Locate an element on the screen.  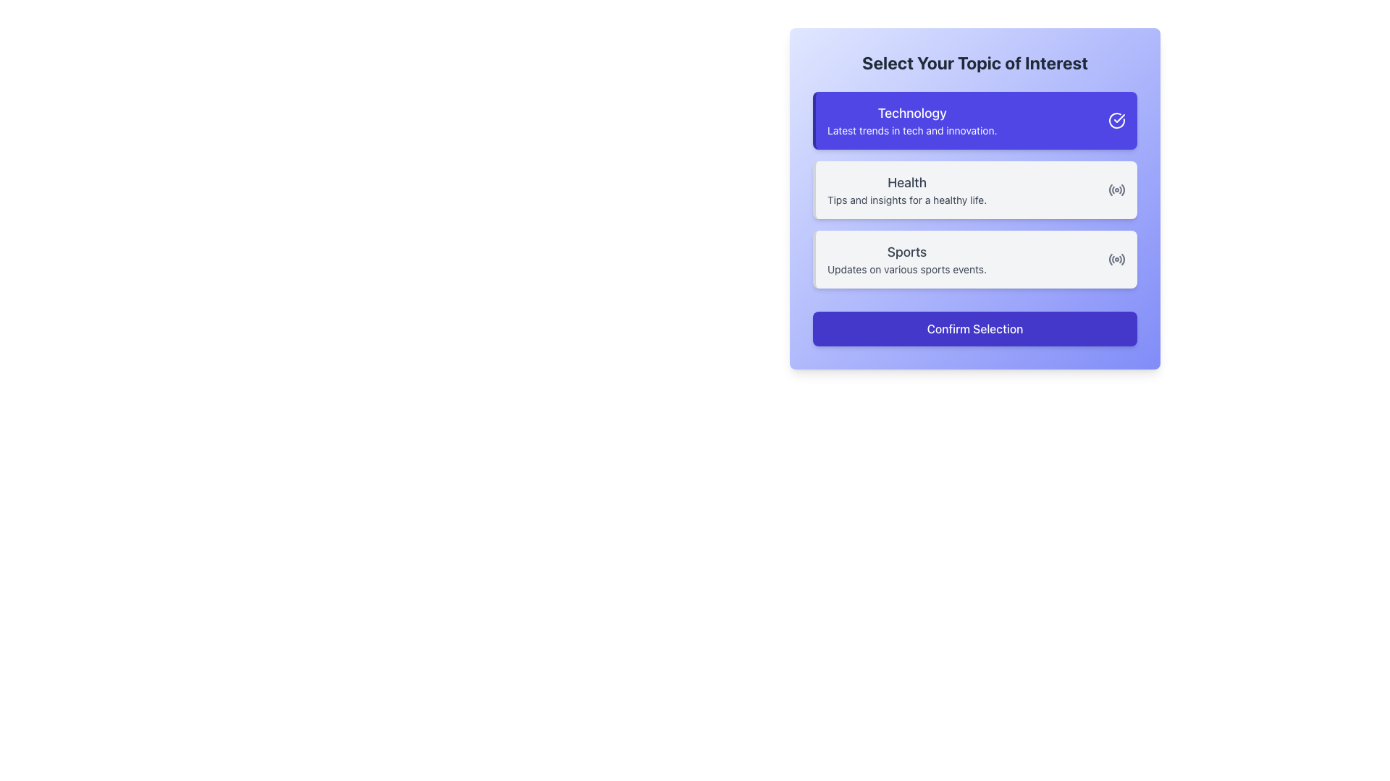
the interactive card representing the 'Technology' topic, which is the topmost card in the list of three options under the 'Select Your Topic of Interest' section is located at coordinates (975, 119).